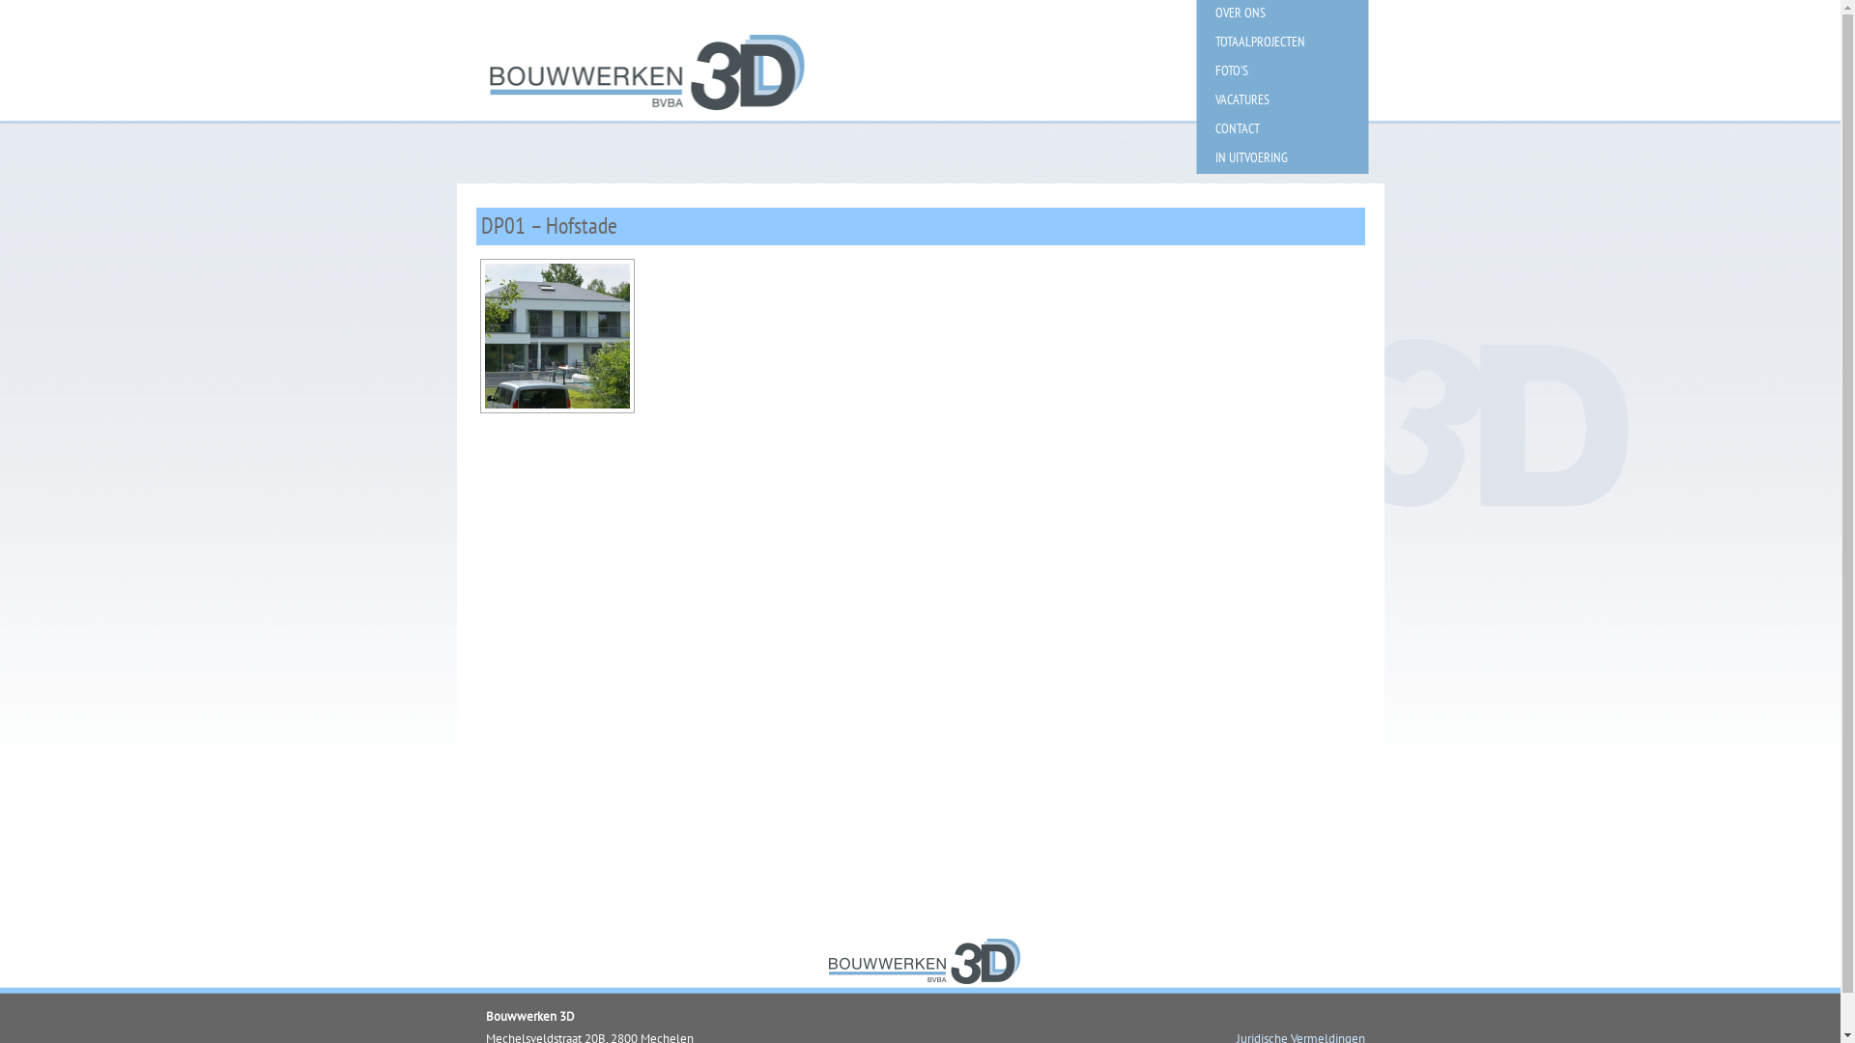  I want to click on 'CONTACT', so click(1195, 127).